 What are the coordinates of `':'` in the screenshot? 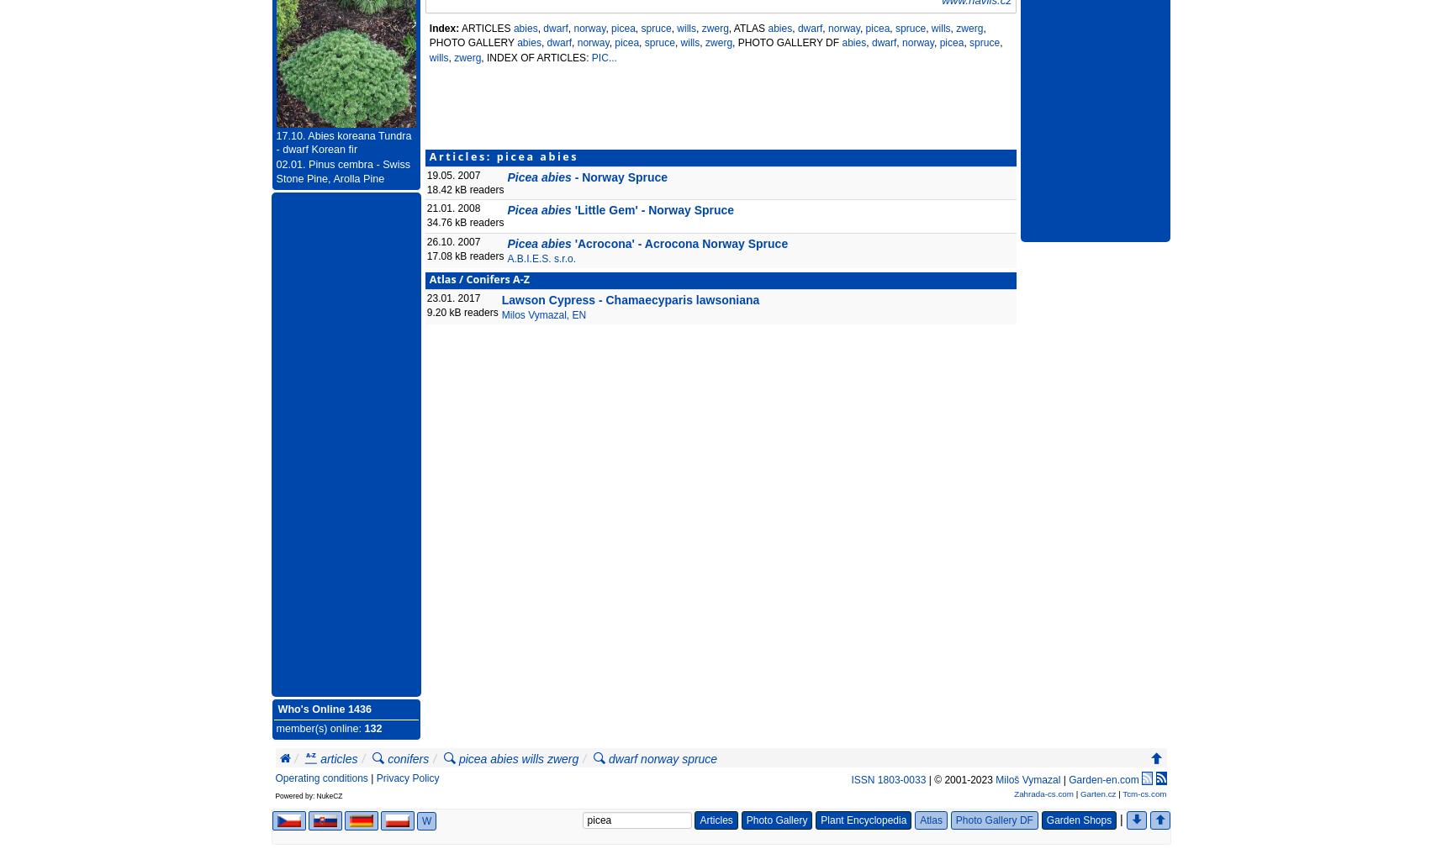 It's located at (359, 728).